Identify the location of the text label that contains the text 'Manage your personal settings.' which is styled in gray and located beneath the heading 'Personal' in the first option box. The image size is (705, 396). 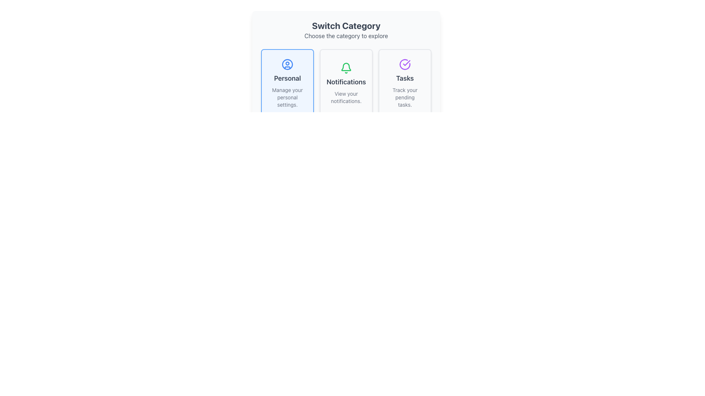
(287, 97).